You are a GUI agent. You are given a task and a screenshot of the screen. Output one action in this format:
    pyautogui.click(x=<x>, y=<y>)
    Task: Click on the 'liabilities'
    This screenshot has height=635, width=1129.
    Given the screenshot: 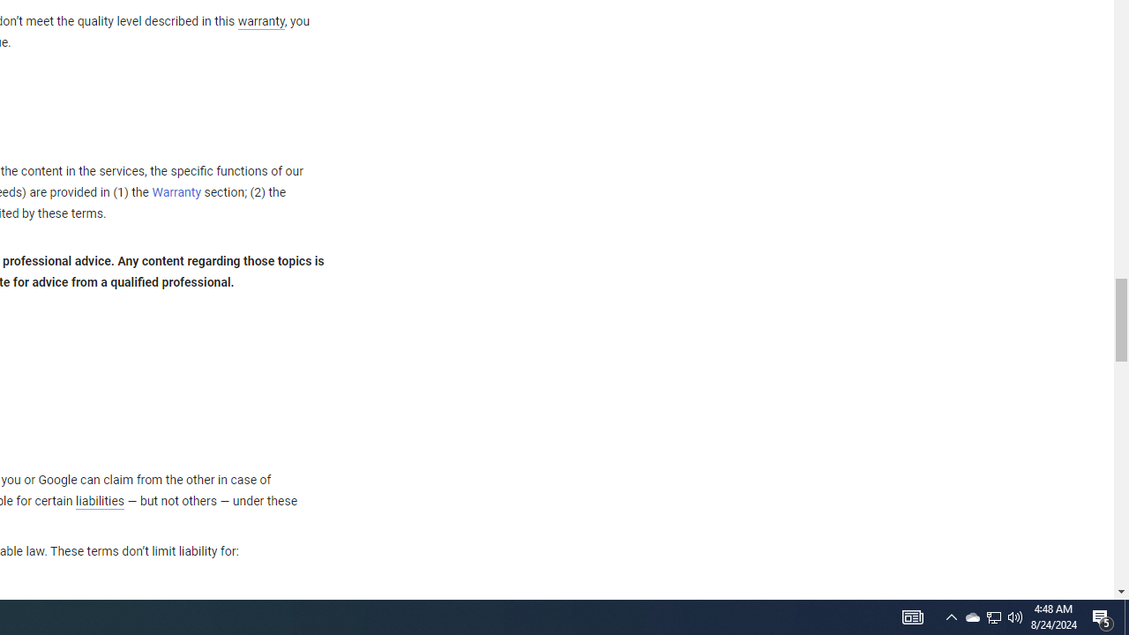 What is the action you would take?
    pyautogui.click(x=99, y=501)
    